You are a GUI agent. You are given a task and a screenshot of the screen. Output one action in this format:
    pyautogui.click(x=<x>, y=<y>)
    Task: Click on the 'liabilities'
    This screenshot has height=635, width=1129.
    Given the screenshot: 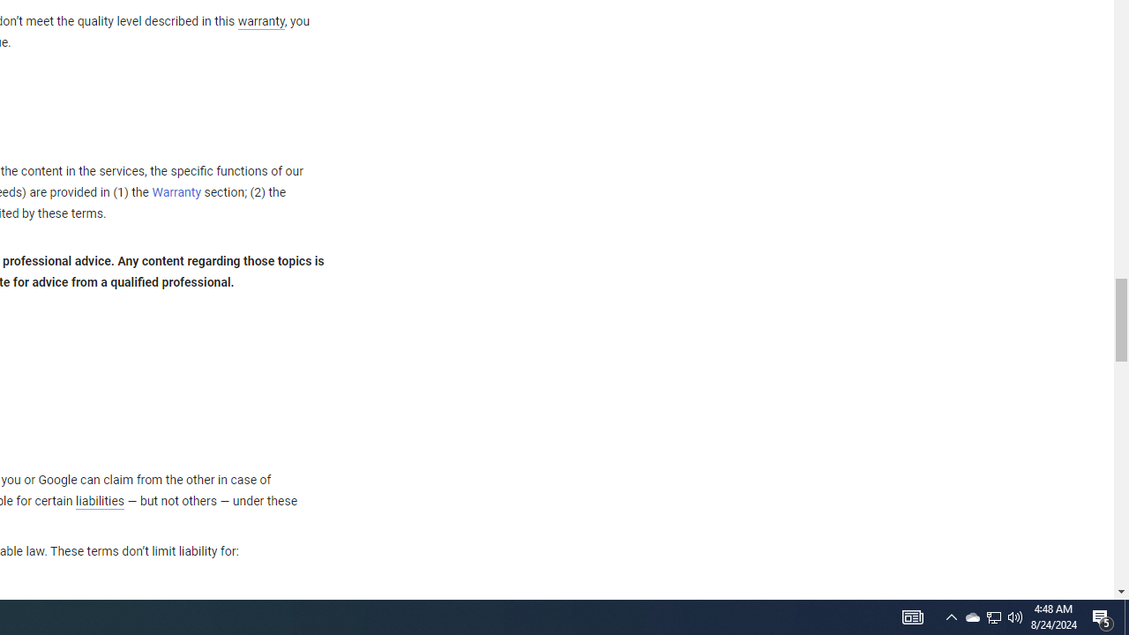 What is the action you would take?
    pyautogui.click(x=99, y=501)
    